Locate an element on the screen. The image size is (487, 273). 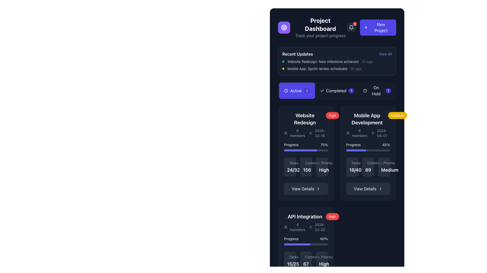
the Text label with an icon representing the due date or milestone date for the project in the bottom section of the 'API Integration' card, aligned to the right is located at coordinates (317, 227).